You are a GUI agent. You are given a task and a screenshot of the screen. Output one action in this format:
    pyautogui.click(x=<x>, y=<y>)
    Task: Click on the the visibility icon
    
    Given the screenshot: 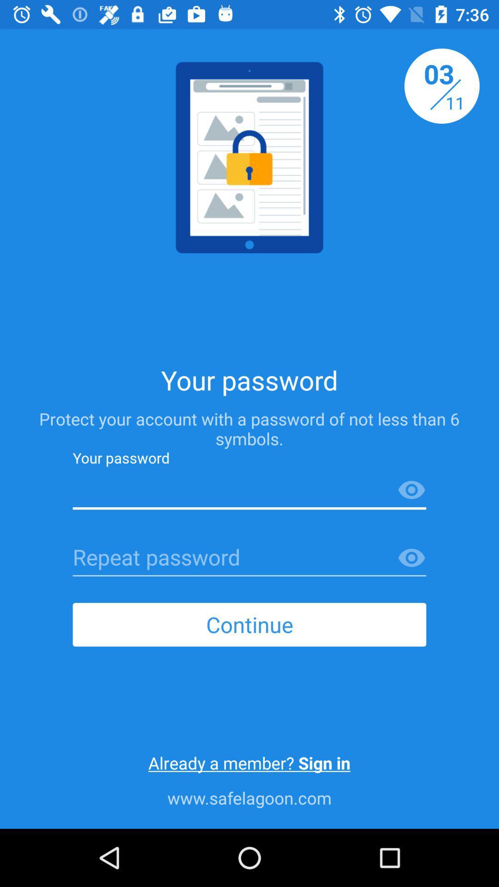 What is the action you would take?
    pyautogui.click(x=411, y=490)
    